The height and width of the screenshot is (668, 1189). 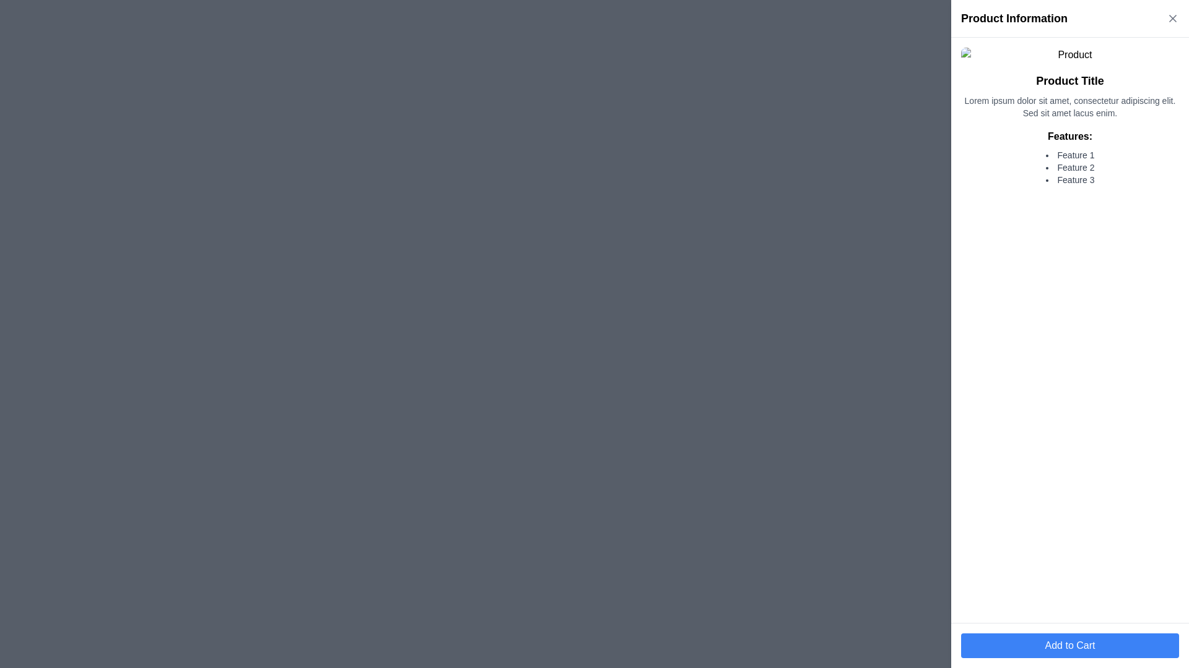 I want to click on the close button located in the top-right corner of the 'Product Information' panel, so click(x=1172, y=19).